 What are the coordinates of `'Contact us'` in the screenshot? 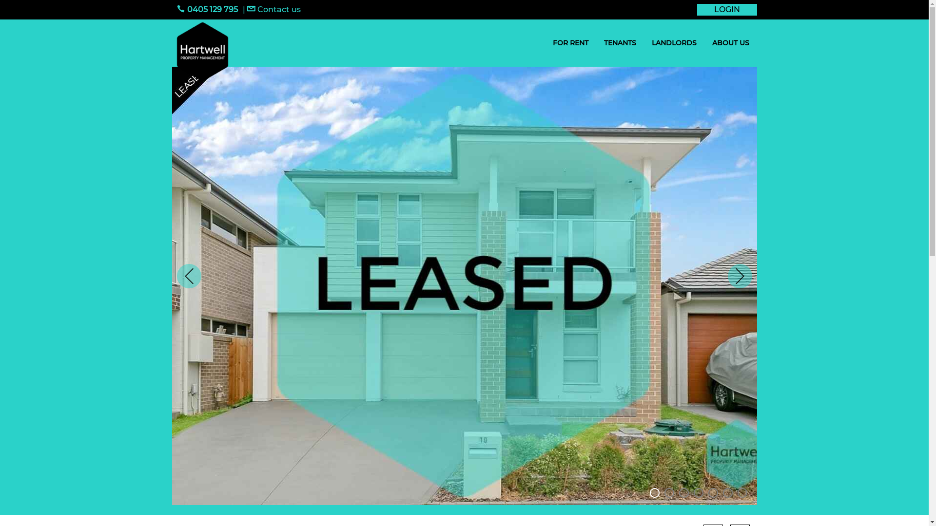 It's located at (273, 9).